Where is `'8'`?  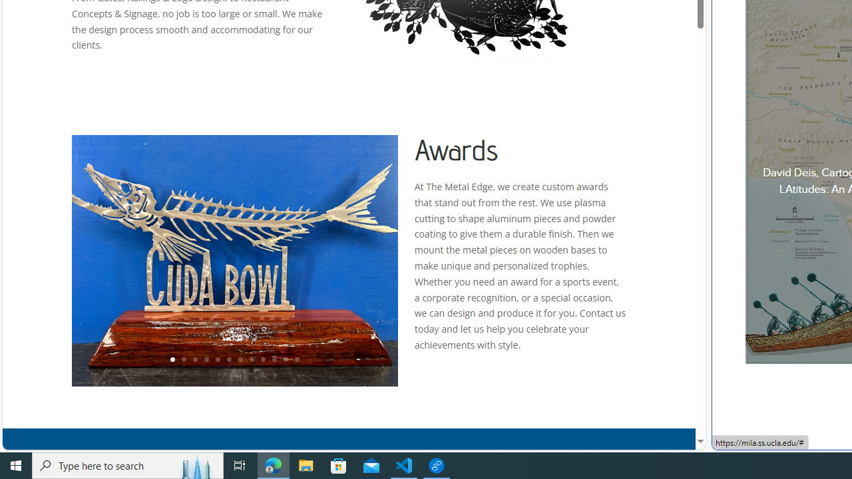 '8' is located at coordinates (251, 360).